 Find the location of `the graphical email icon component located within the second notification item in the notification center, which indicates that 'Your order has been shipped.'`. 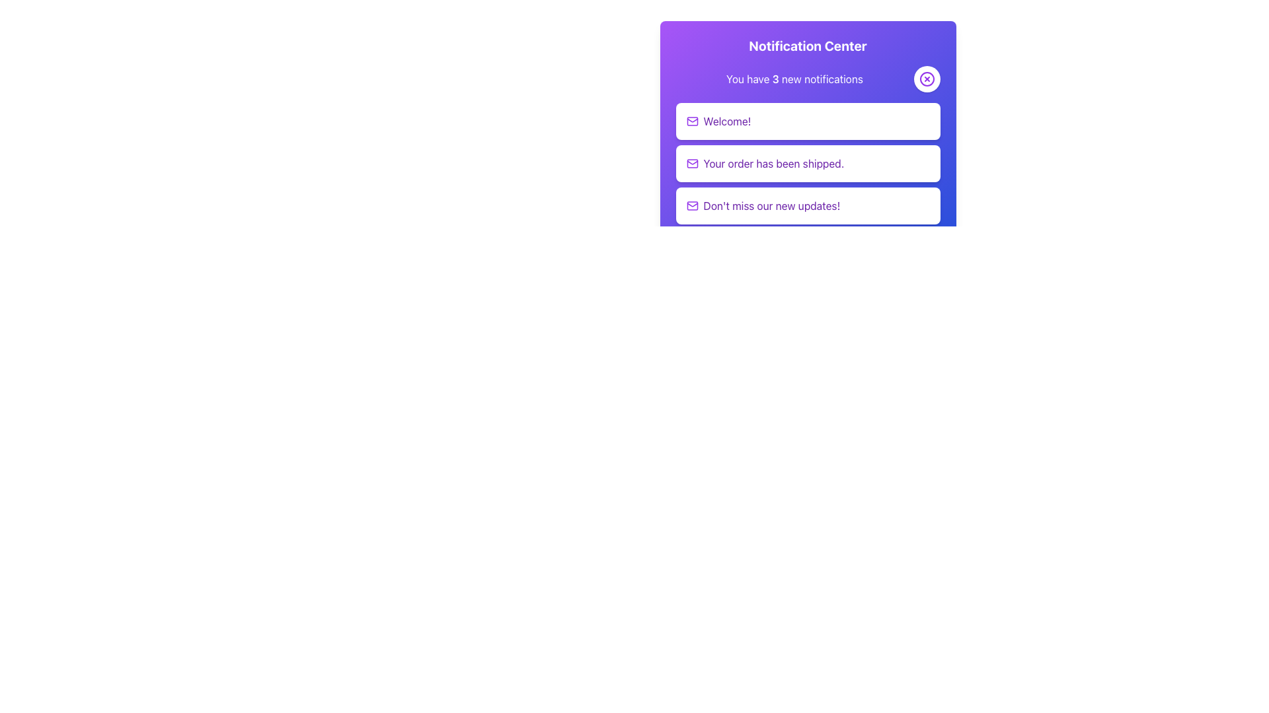

the graphical email icon component located within the second notification item in the notification center, which indicates that 'Your order has been shipped.' is located at coordinates (691, 162).